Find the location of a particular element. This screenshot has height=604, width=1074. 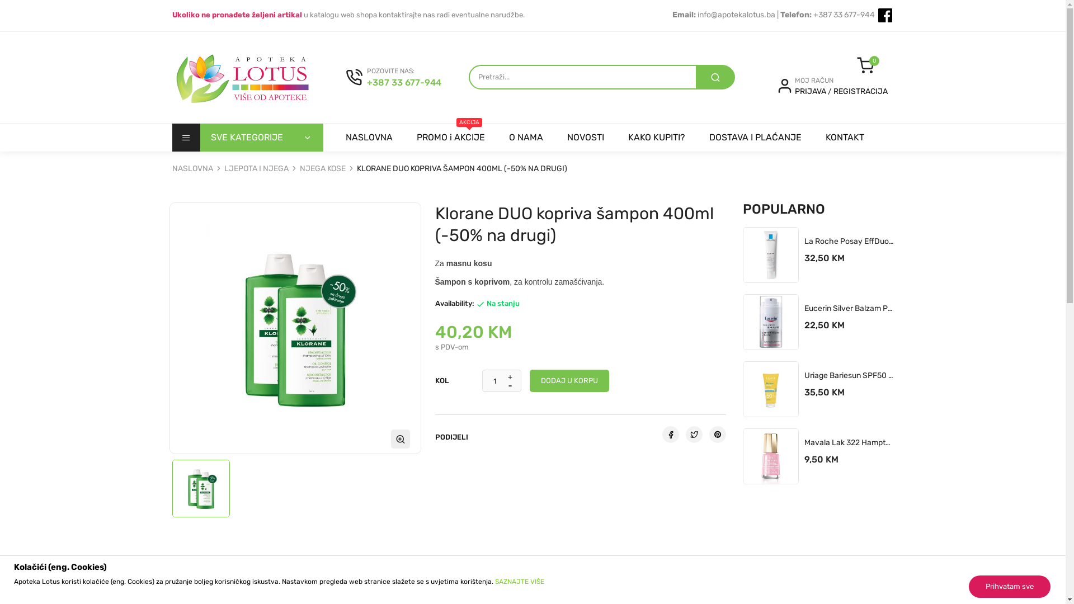

'NJEGA KOSE' is located at coordinates (323, 168).